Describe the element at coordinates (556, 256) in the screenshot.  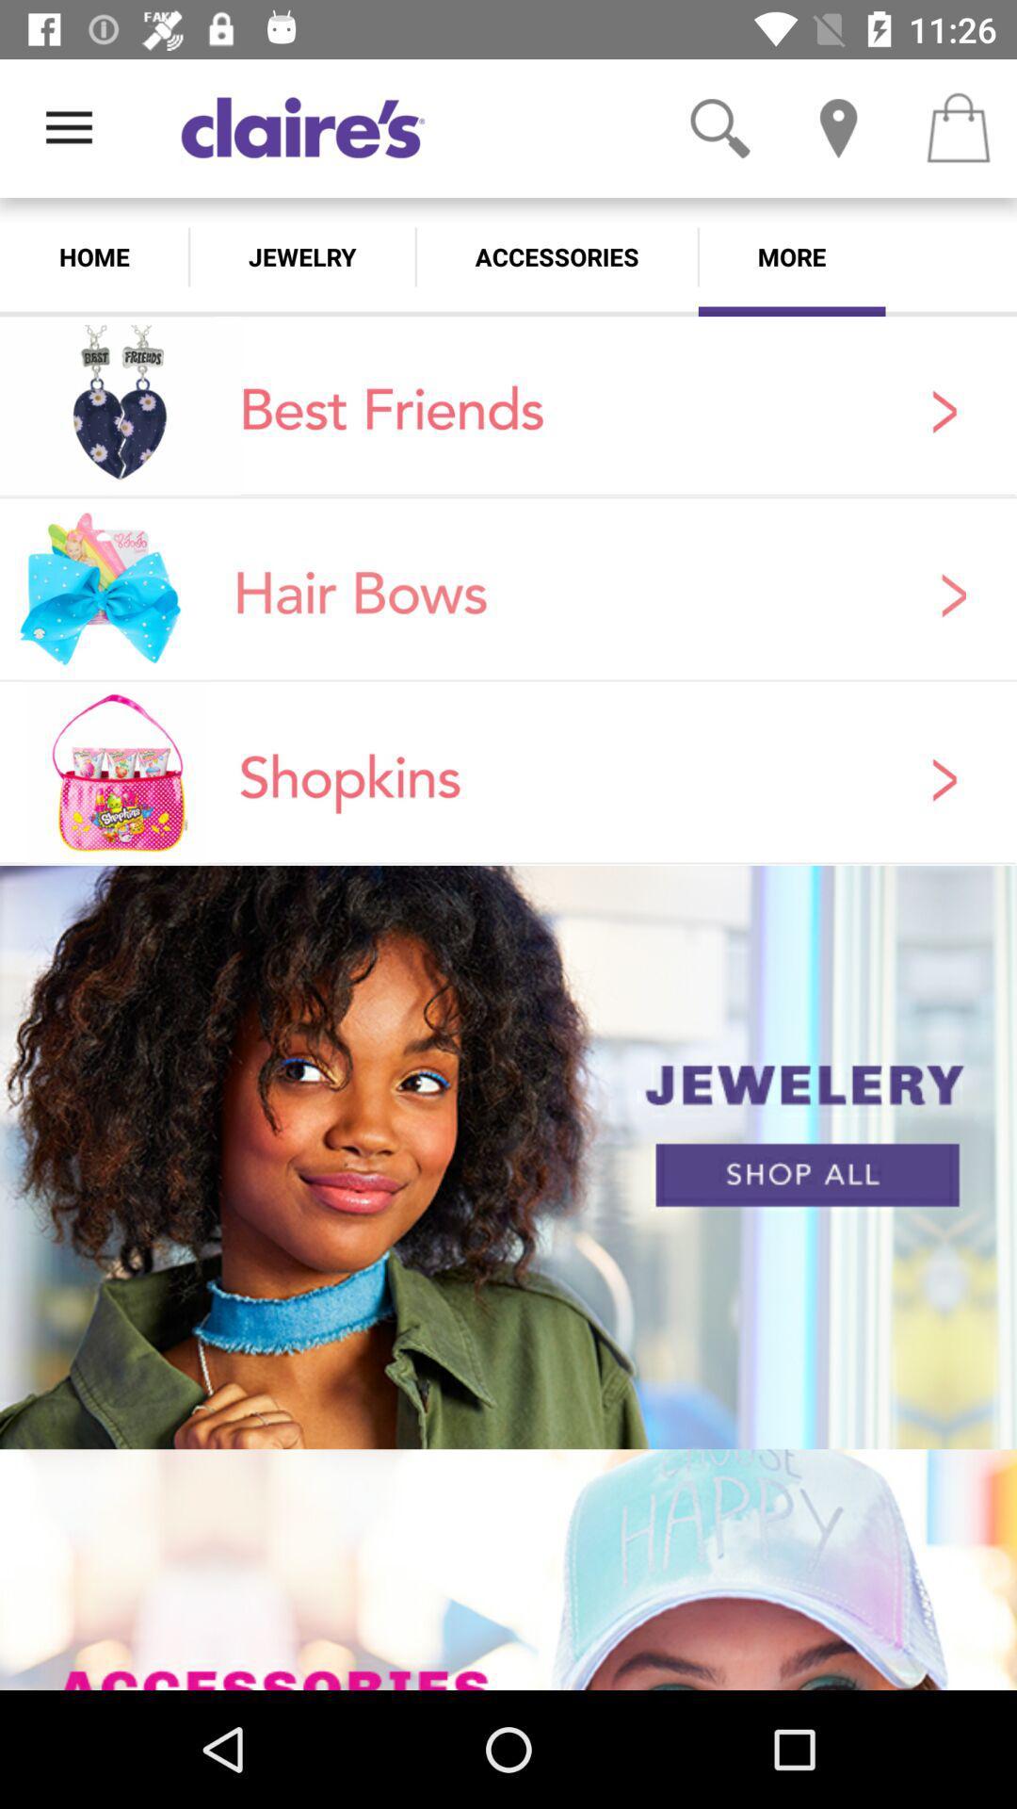
I see `item to the left of more icon` at that location.